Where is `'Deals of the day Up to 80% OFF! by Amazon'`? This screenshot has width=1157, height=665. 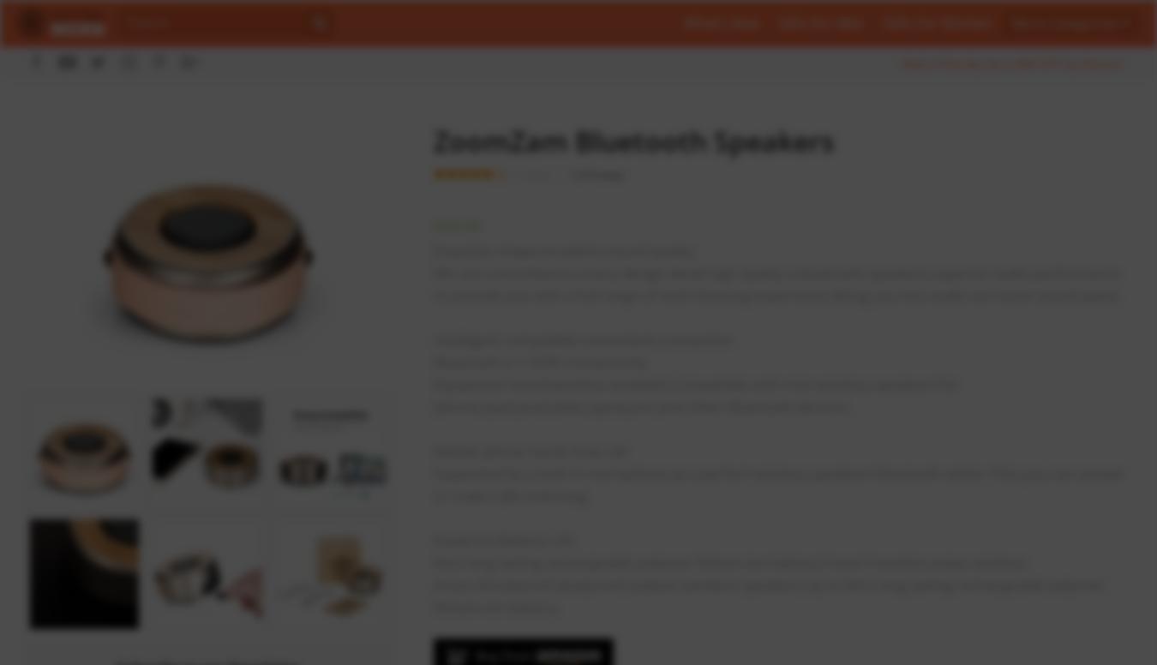
'Deals of the day Up to 80% OFF! by Amazon' is located at coordinates (900, 63).